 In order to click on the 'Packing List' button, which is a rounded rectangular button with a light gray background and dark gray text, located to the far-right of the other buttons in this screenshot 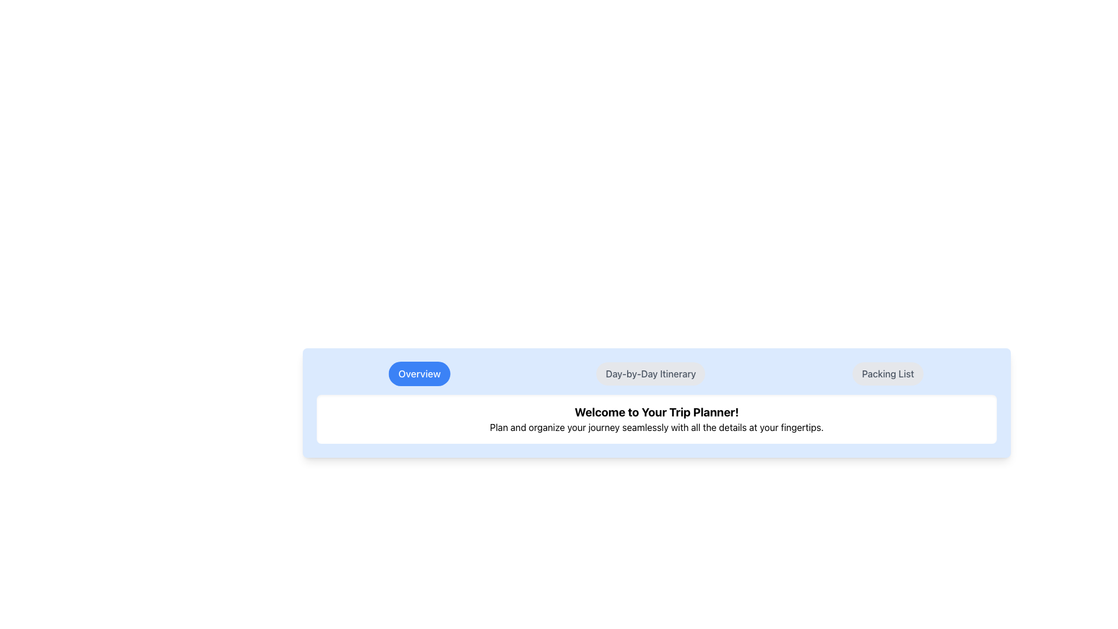, I will do `click(887, 373)`.